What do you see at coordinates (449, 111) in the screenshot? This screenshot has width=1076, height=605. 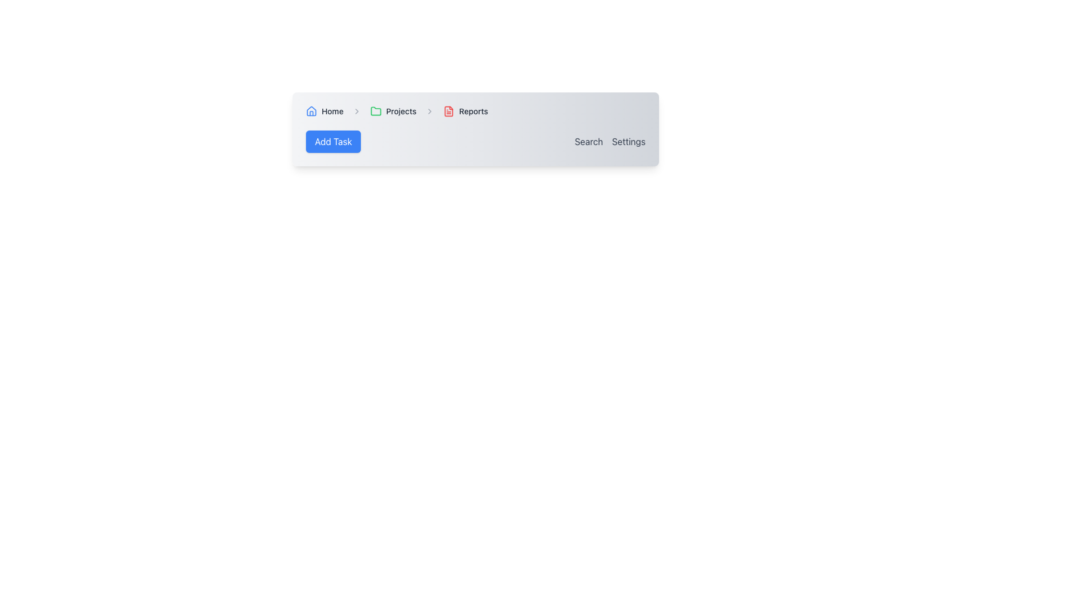 I see `the state of the red document icon located next to the text 'Reports' in the breadcrumb navigation bar` at bounding box center [449, 111].